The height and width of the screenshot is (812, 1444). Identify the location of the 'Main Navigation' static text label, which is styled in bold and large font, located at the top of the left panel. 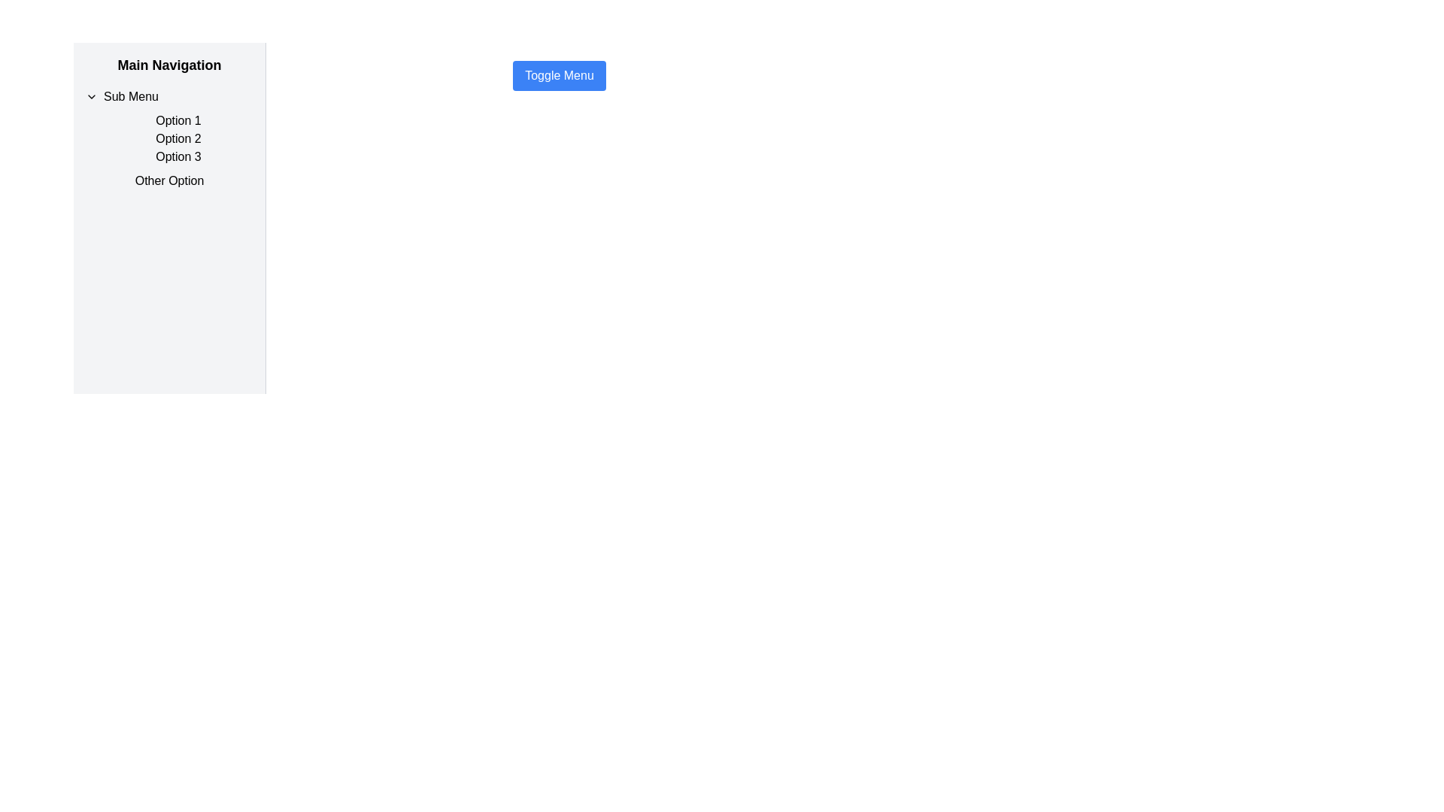
(169, 65).